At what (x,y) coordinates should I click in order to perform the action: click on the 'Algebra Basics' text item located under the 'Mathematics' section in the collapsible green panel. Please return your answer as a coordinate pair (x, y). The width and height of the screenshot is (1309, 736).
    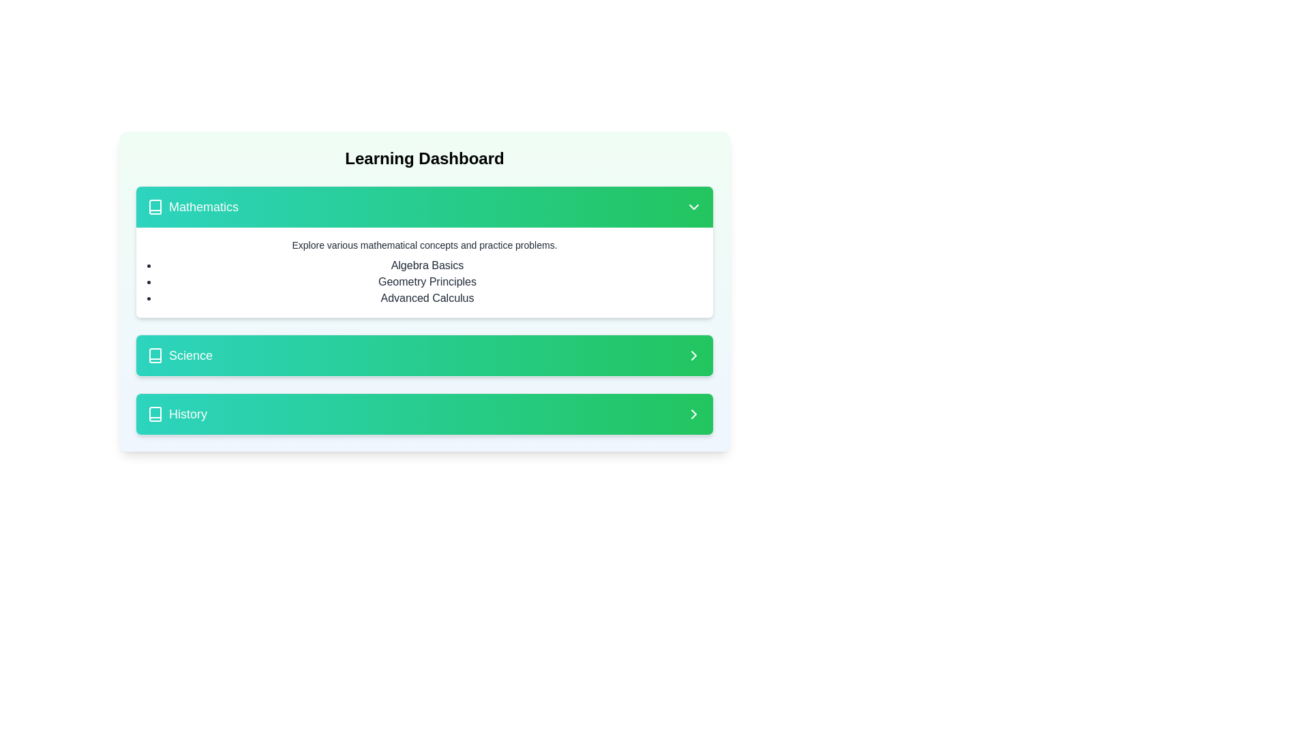
    Looking at the image, I should click on (427, 265).